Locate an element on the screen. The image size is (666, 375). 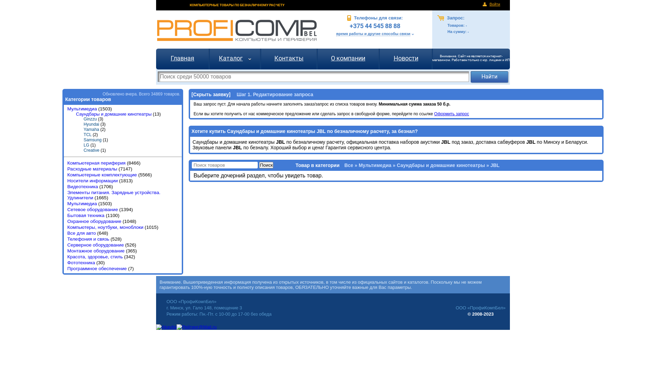
'Creative' is located at coordinates (91, 150).